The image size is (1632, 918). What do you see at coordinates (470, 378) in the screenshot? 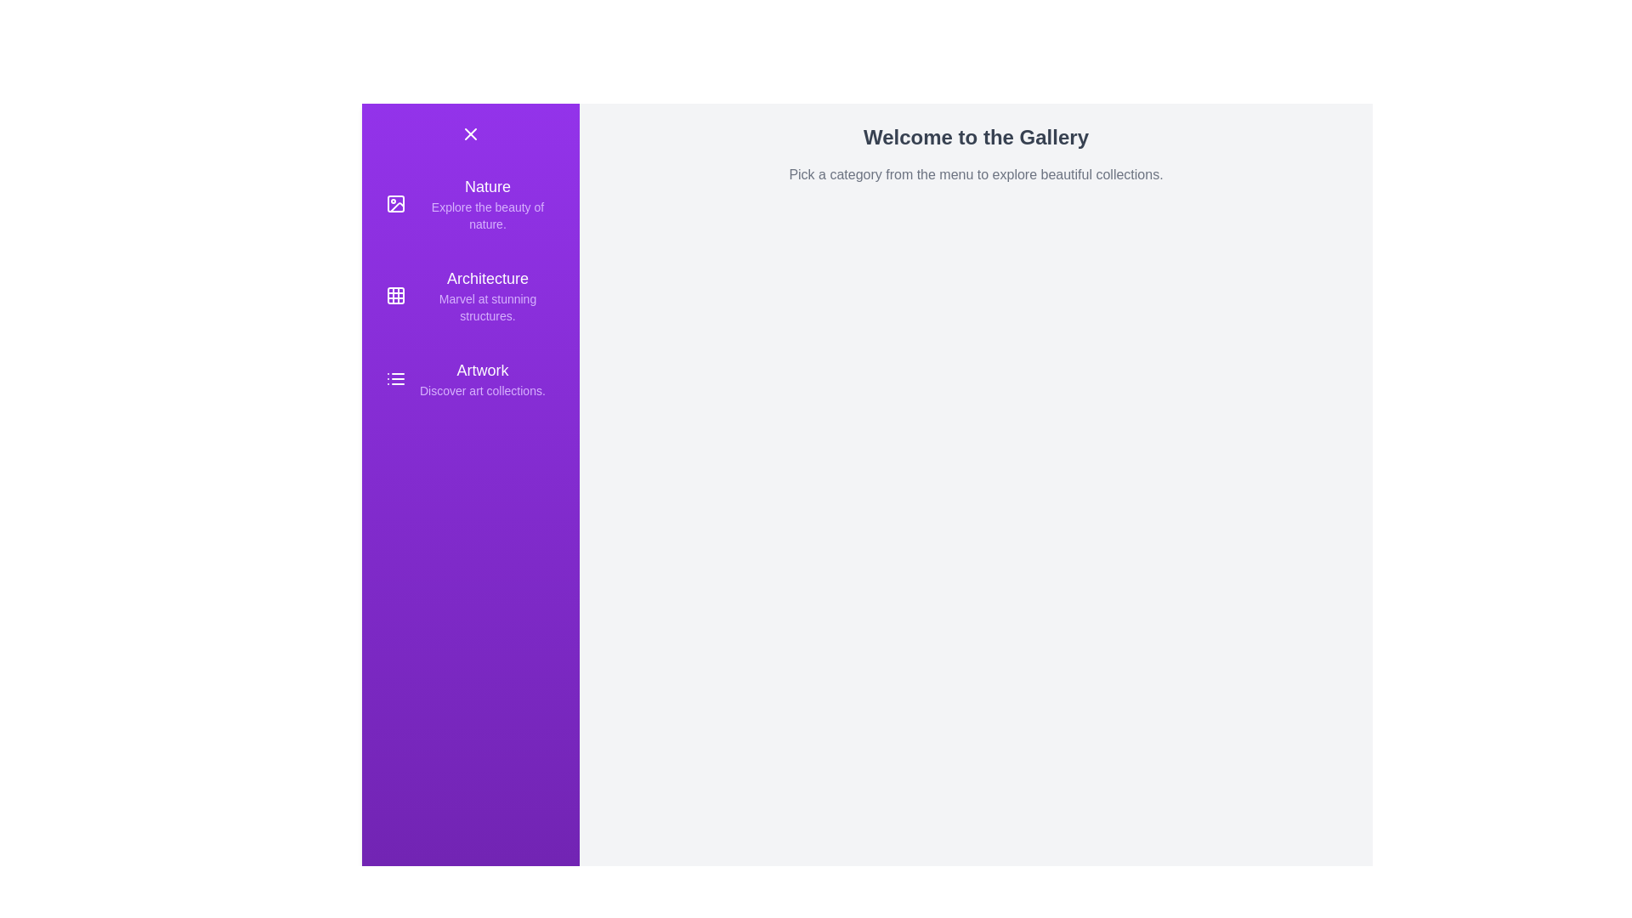
I see `the menu item corresponding to the category Artwork` at bounding box center [470, 378].